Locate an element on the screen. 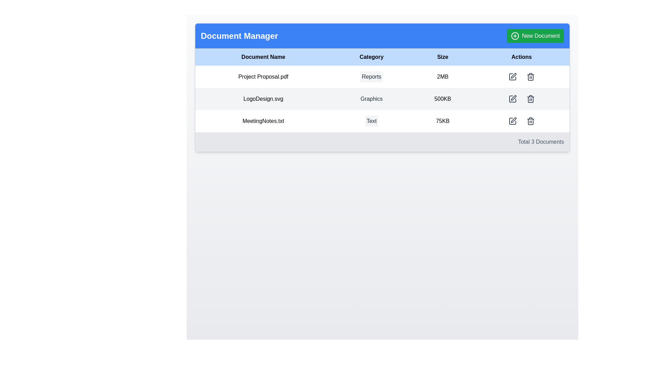  the delete button located in the 'Actions' column of the first row in the document table is located at coordinates (530, 77).